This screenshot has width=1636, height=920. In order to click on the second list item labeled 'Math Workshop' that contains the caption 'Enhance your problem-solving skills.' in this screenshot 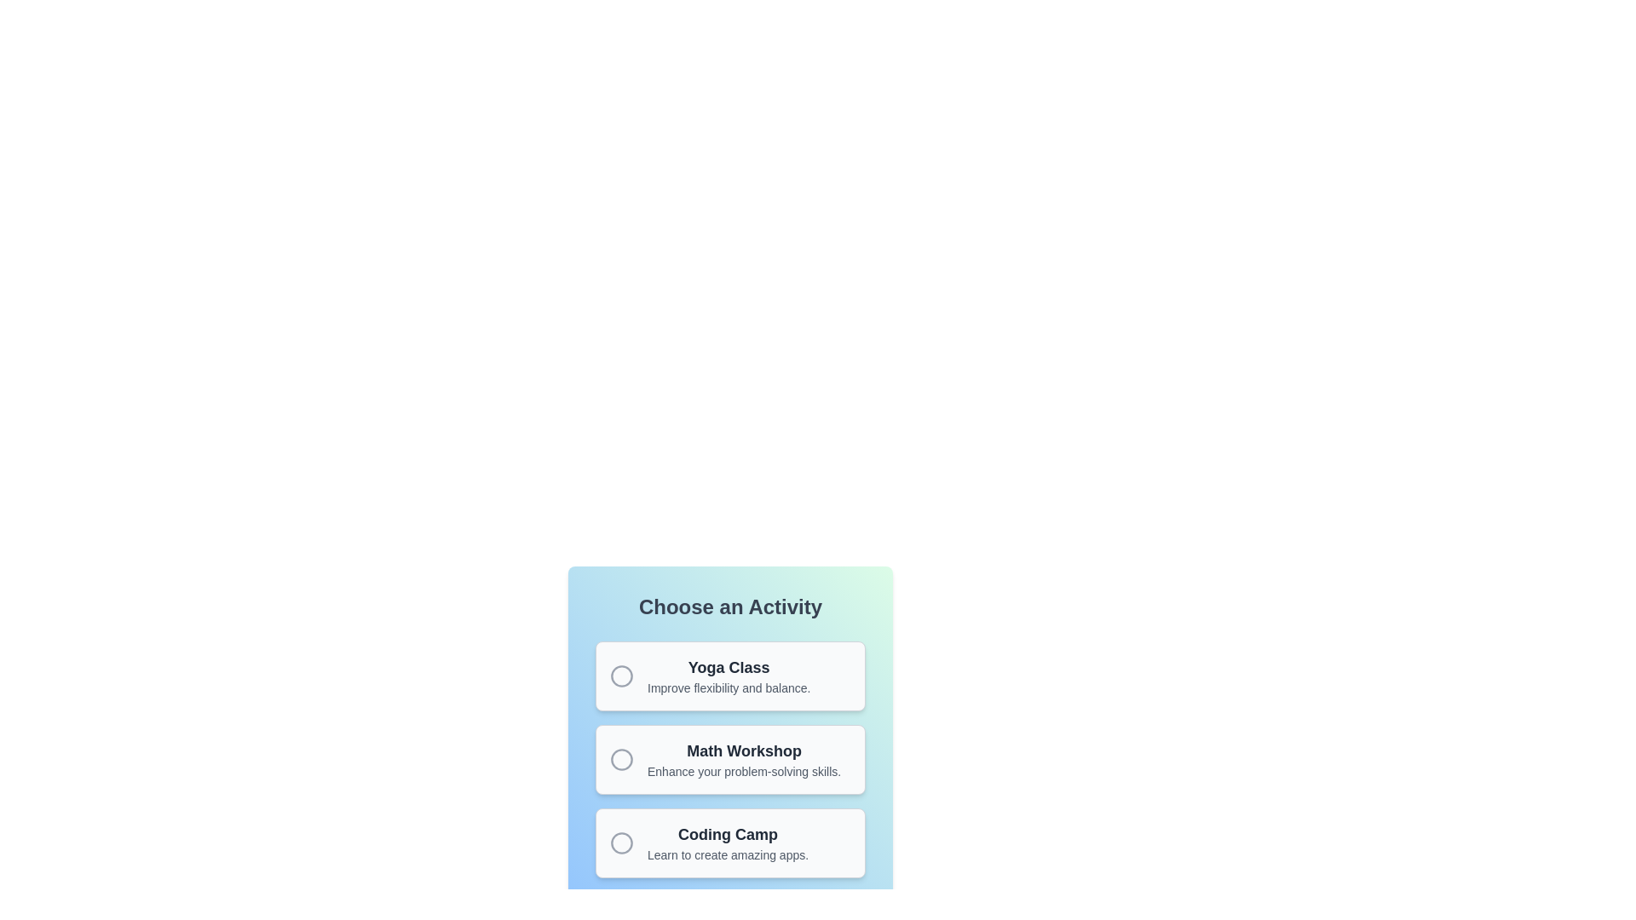, I will do `click(730, 758)`.